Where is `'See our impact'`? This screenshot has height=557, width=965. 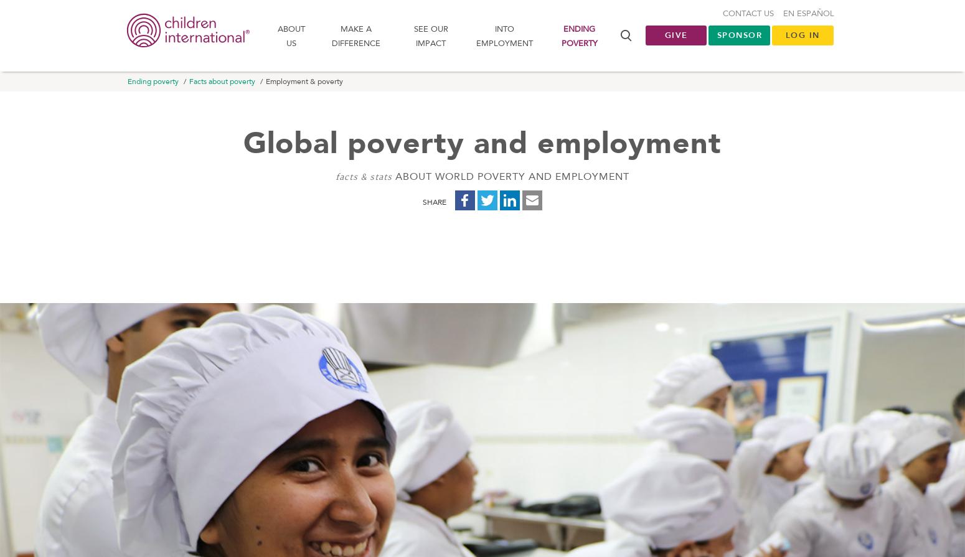
'See our impact' is located at coordinates (430, 39).